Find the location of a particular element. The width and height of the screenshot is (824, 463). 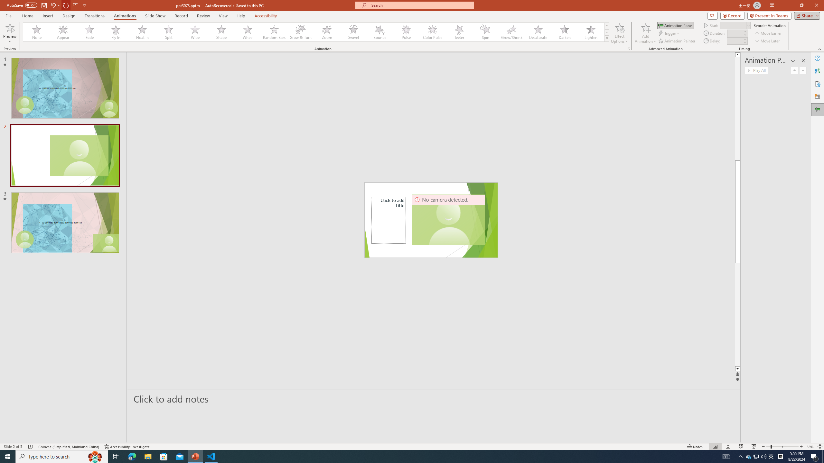

'Lighten' is located at coordinates (590, 32).